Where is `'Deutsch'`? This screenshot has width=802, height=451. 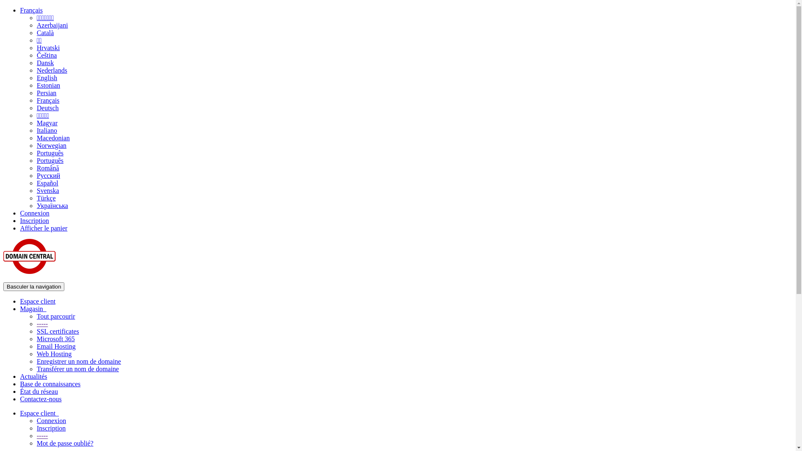
'Deutsch' is located at coordinates (36, 107).